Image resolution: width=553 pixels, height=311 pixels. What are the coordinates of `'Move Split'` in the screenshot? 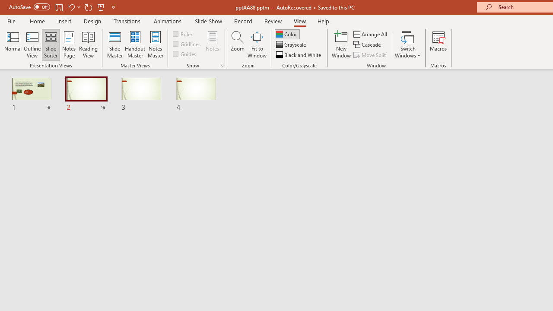 It's located at (370, 55).